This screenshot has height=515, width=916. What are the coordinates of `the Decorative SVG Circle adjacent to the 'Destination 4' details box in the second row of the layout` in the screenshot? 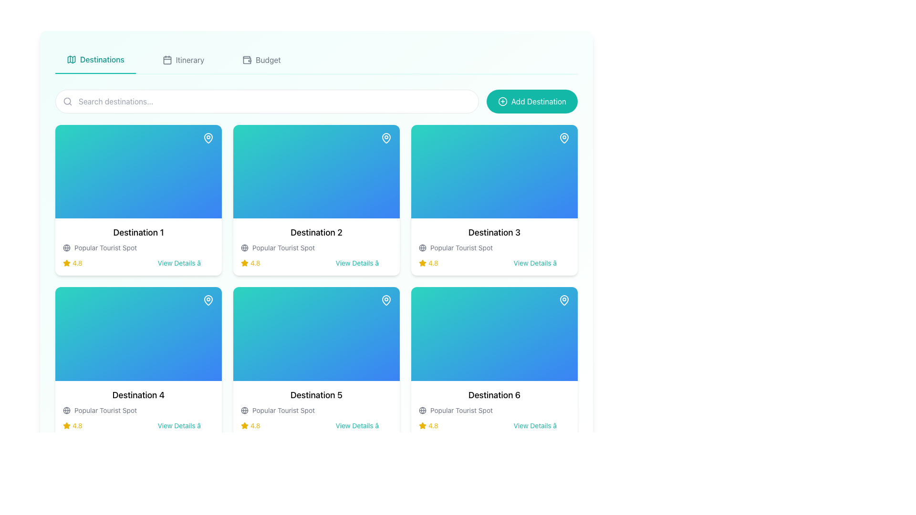 It's located at (66, 410).